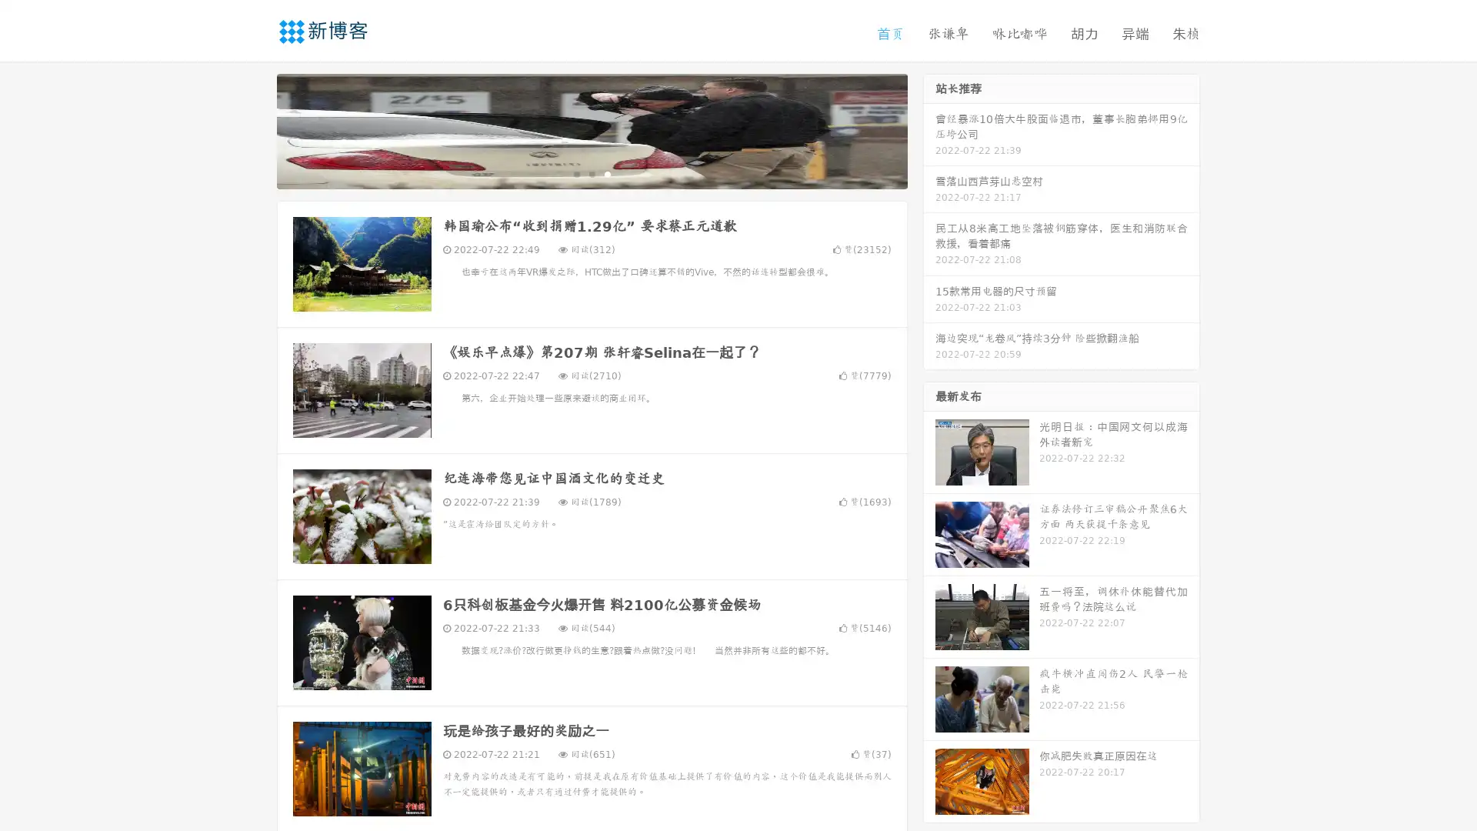  I want to click on Next slide, so click(929, 129).